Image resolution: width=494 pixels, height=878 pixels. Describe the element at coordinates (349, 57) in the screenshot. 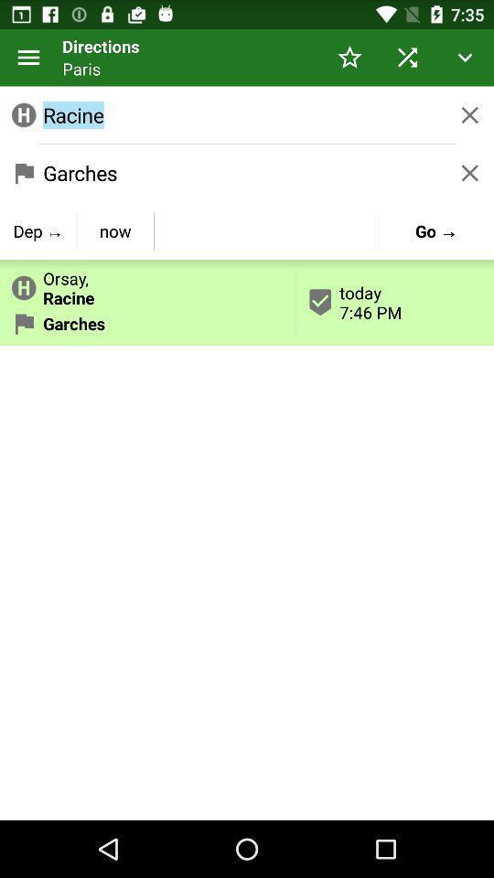

I see `item above the racine icon` at that location.